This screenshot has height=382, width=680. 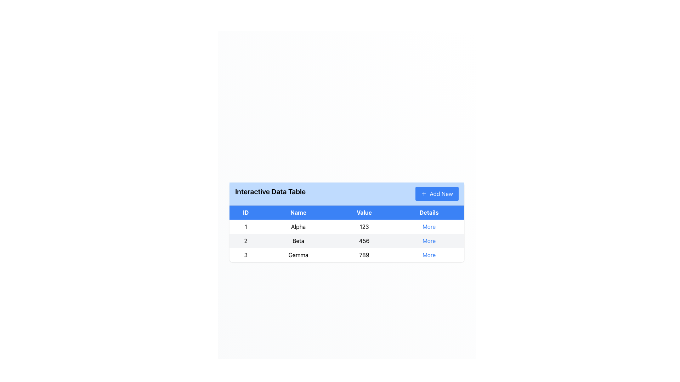 I want to click on the Text Label element displaying 'Details' which is located at the rightmost position in the header of the data table, so click(x=429, y=212).